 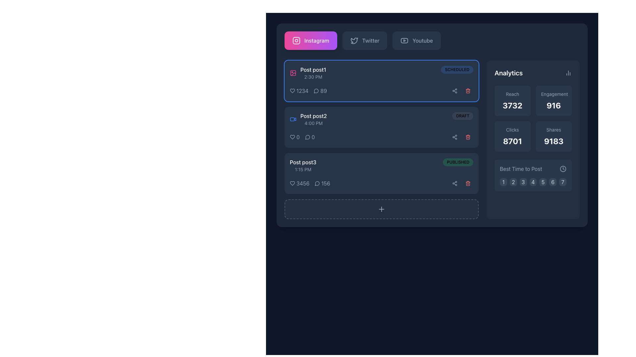 What do you see at coordinates (554, 94) in the screenshot?
I see `the text label displaying 'Engagement' in light gray font, located in the 'Analytics' section above the numeric value '916'` at bounding box center [554, 94].